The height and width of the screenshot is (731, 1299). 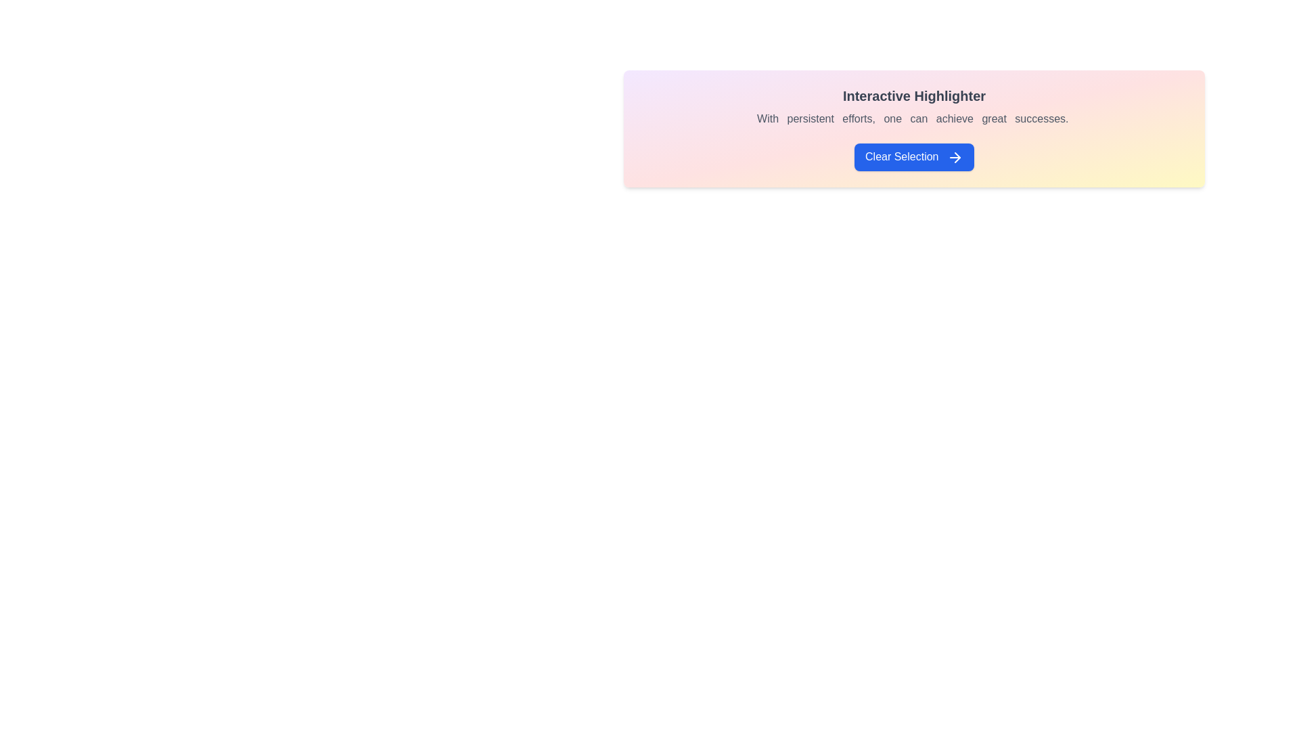 I want to click on the clear/reset button located below the 'Interactive Highlighter' text, so click(x=914, y=156).